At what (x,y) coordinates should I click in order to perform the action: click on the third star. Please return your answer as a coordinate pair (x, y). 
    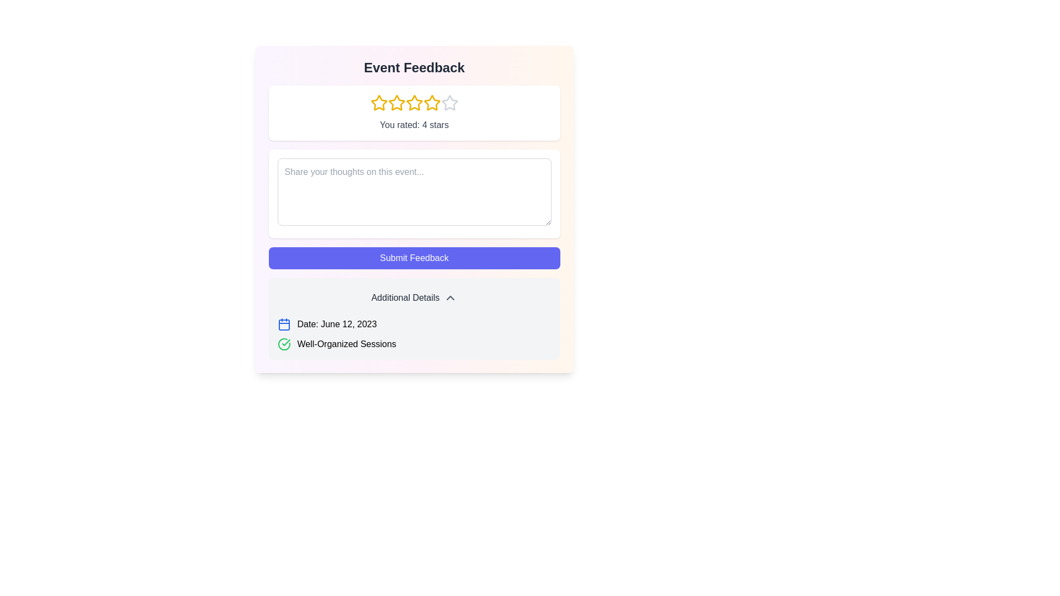
    Looking at the image, I should click on (413, 102).